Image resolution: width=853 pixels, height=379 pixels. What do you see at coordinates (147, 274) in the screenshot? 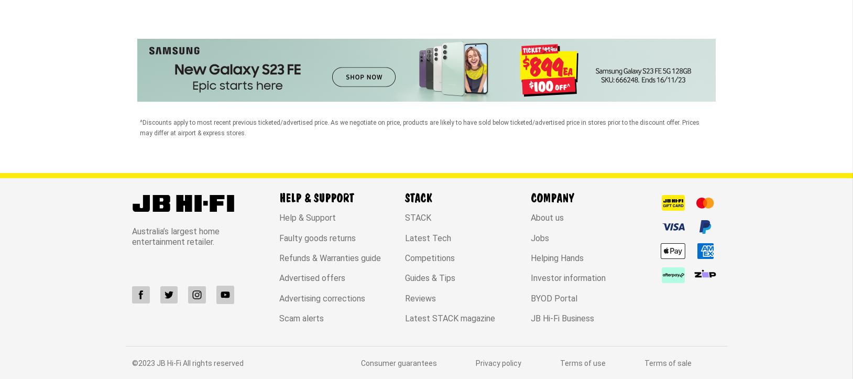
I see `'2023'` at bounding box center [147, 274].